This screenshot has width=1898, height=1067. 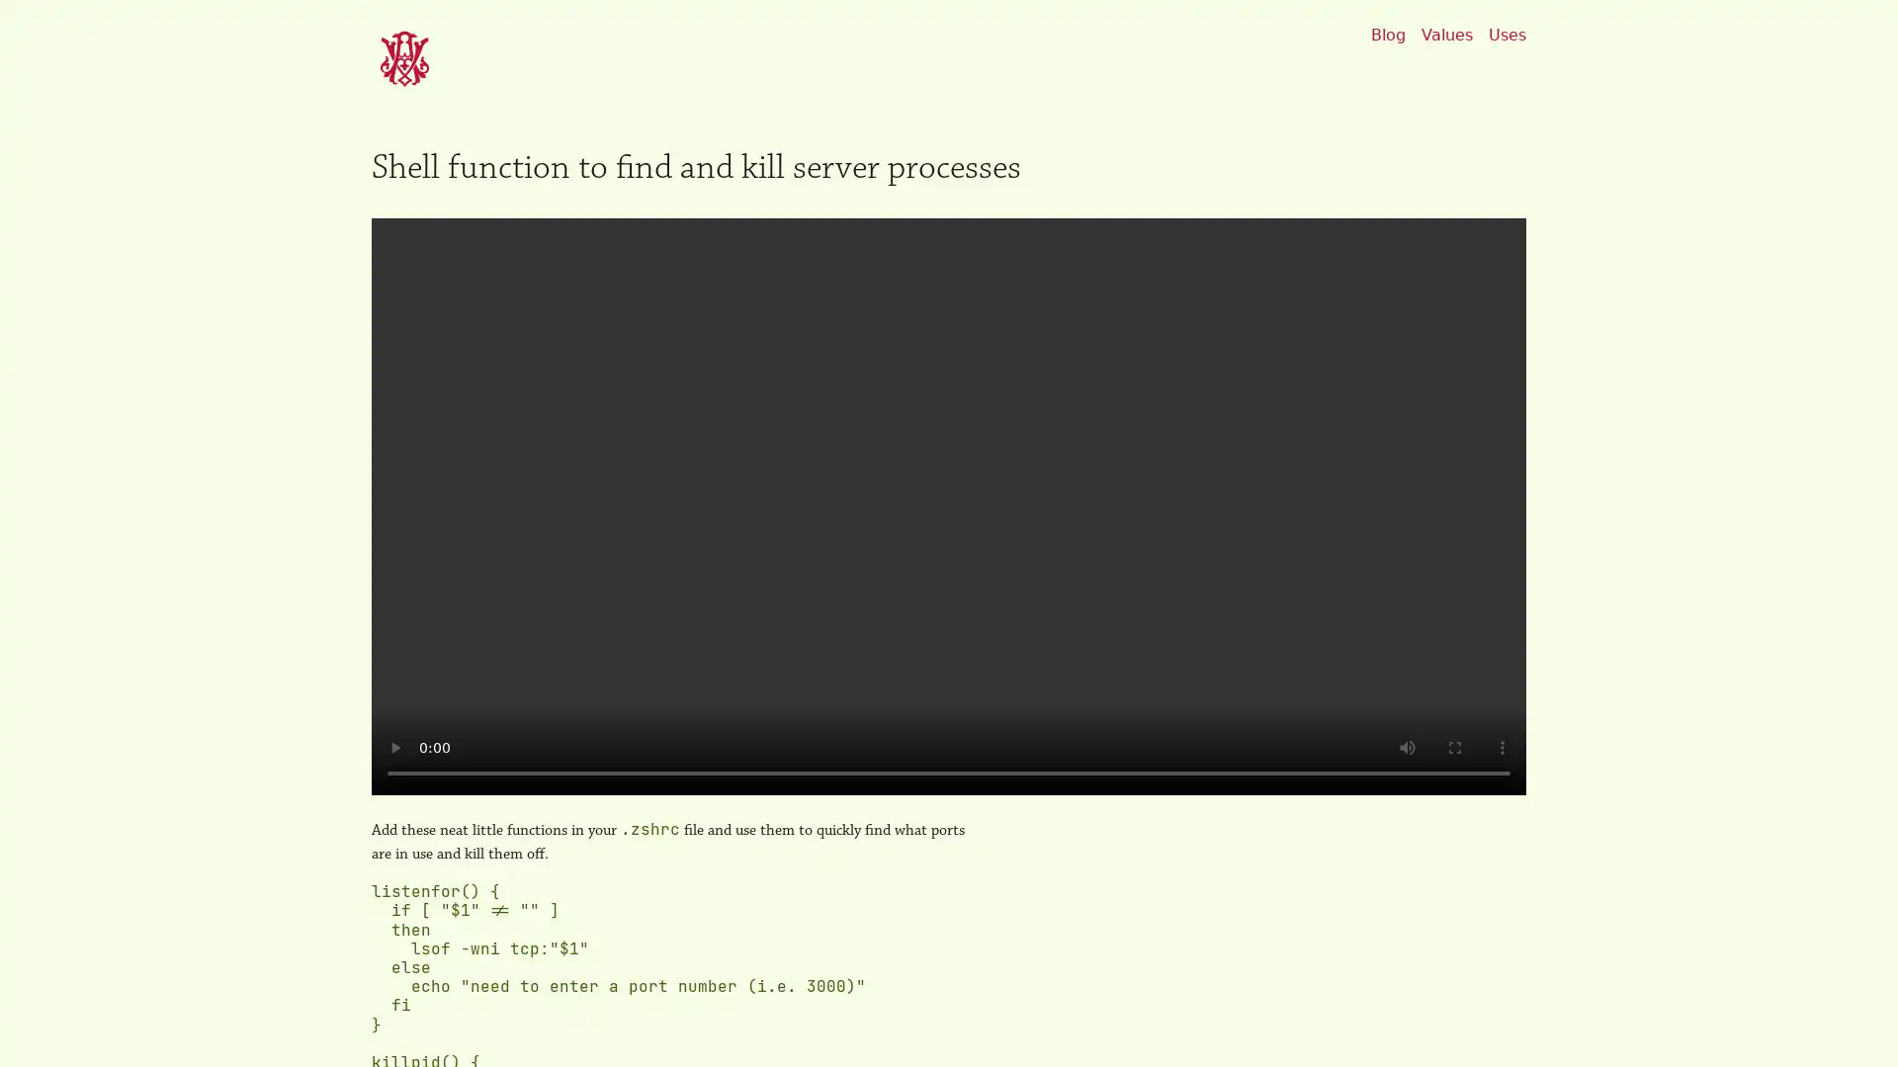 I want to click on show more media controls, so click(x=1503, y=747).